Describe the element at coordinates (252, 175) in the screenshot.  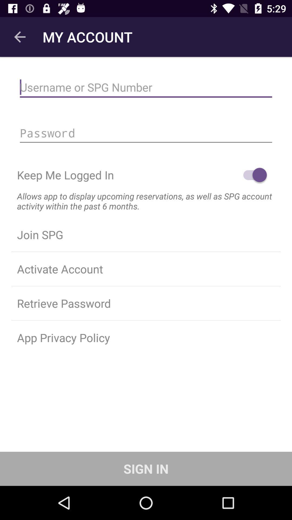
I see `keep logged in button` at that location.